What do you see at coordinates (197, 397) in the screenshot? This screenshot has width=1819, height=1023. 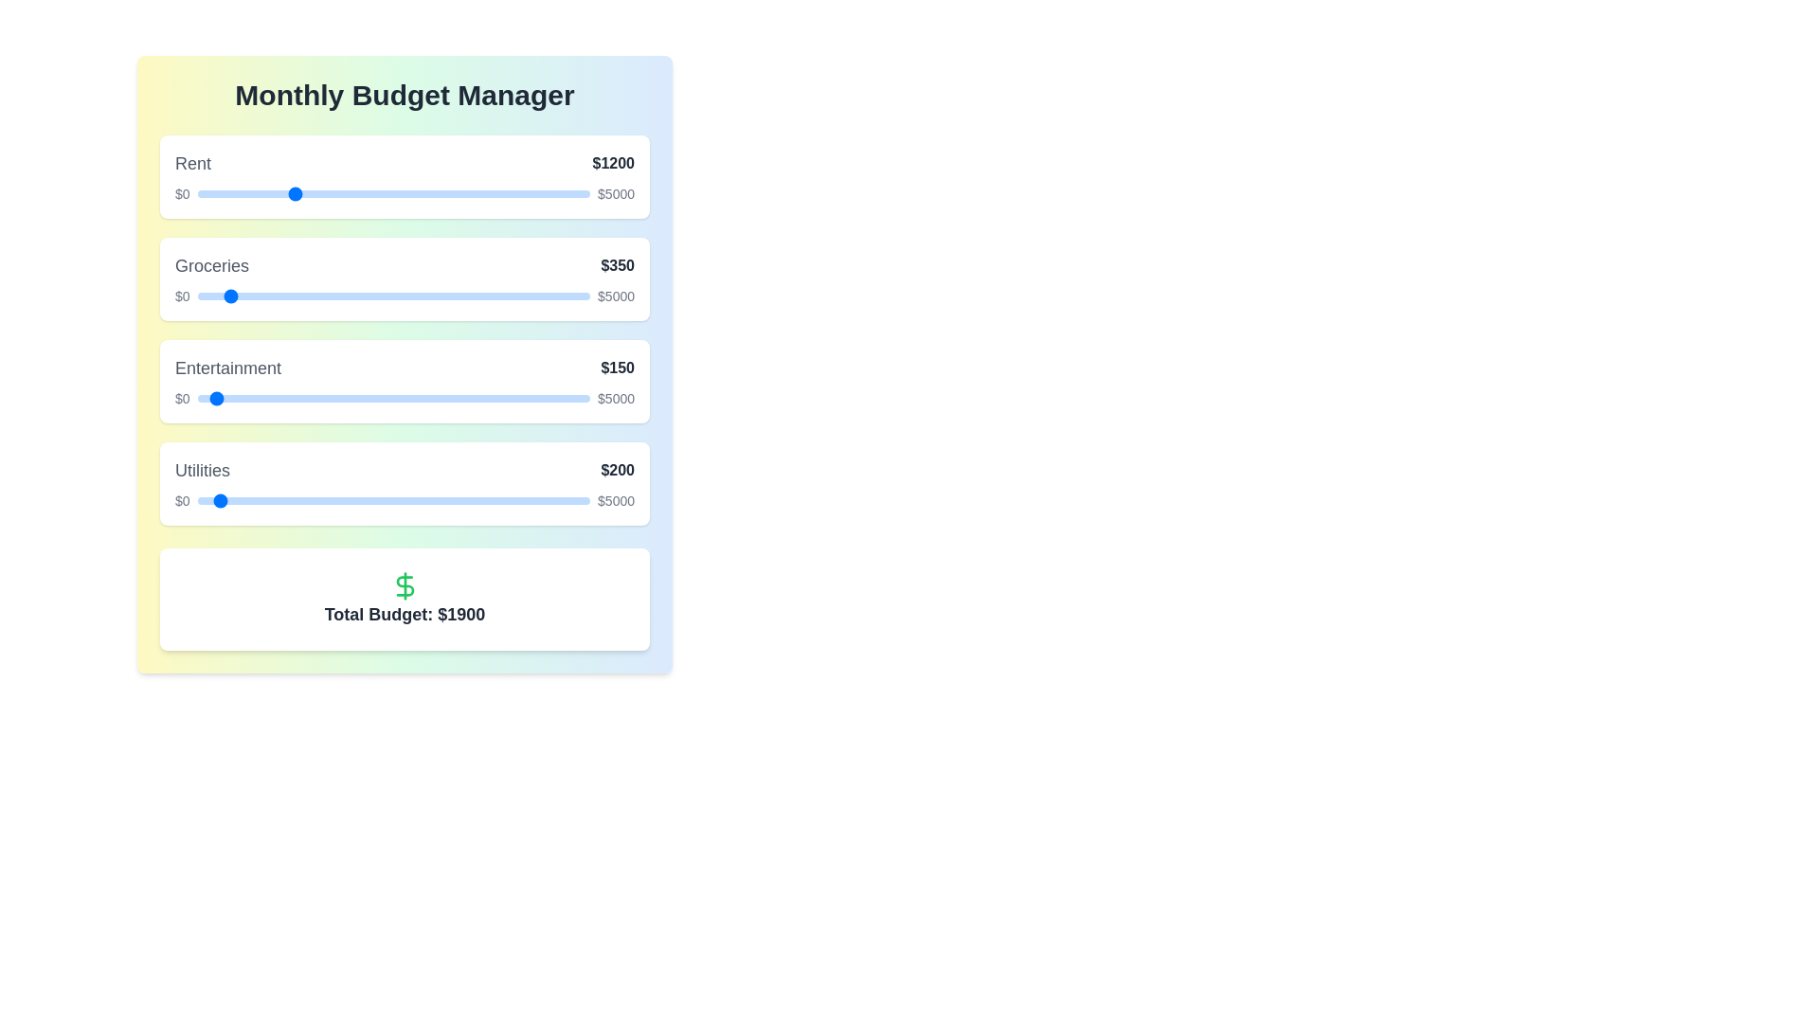 I see `the Entertainment budget` at bounding box center [197, 397].